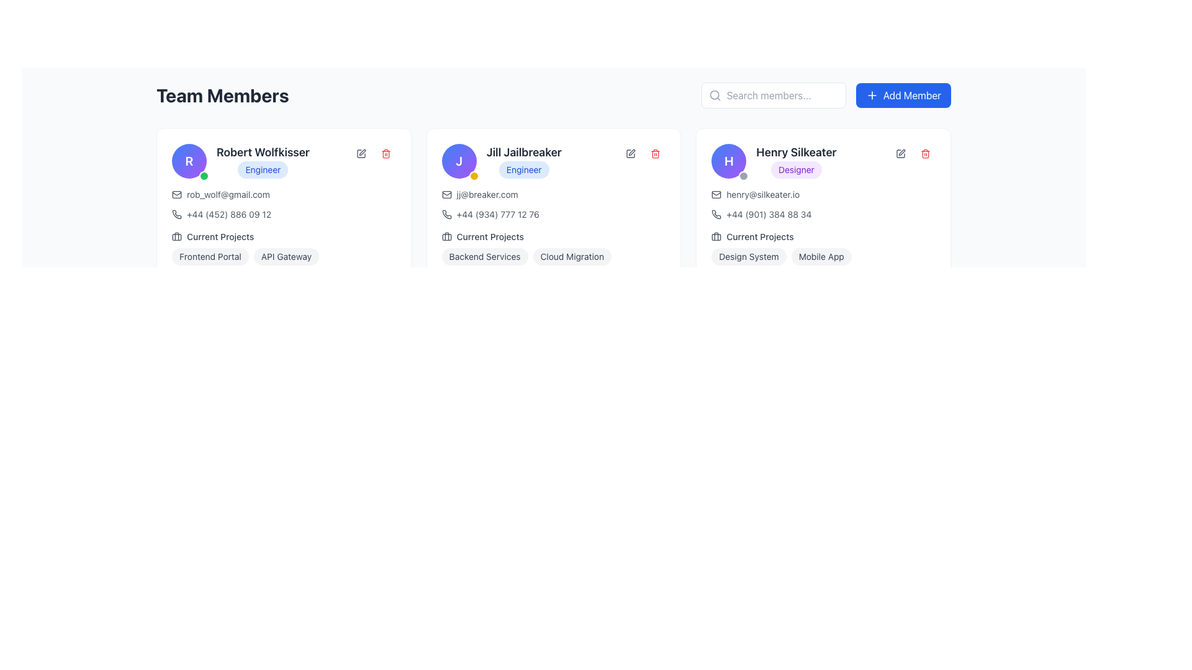  Describe the element at coordinates (716, 236) in the screenshot. I see `the icon related to the 'Current Projects' section, which is located on the left side of the text label 'Current Projects' within the user profile card` at that location.